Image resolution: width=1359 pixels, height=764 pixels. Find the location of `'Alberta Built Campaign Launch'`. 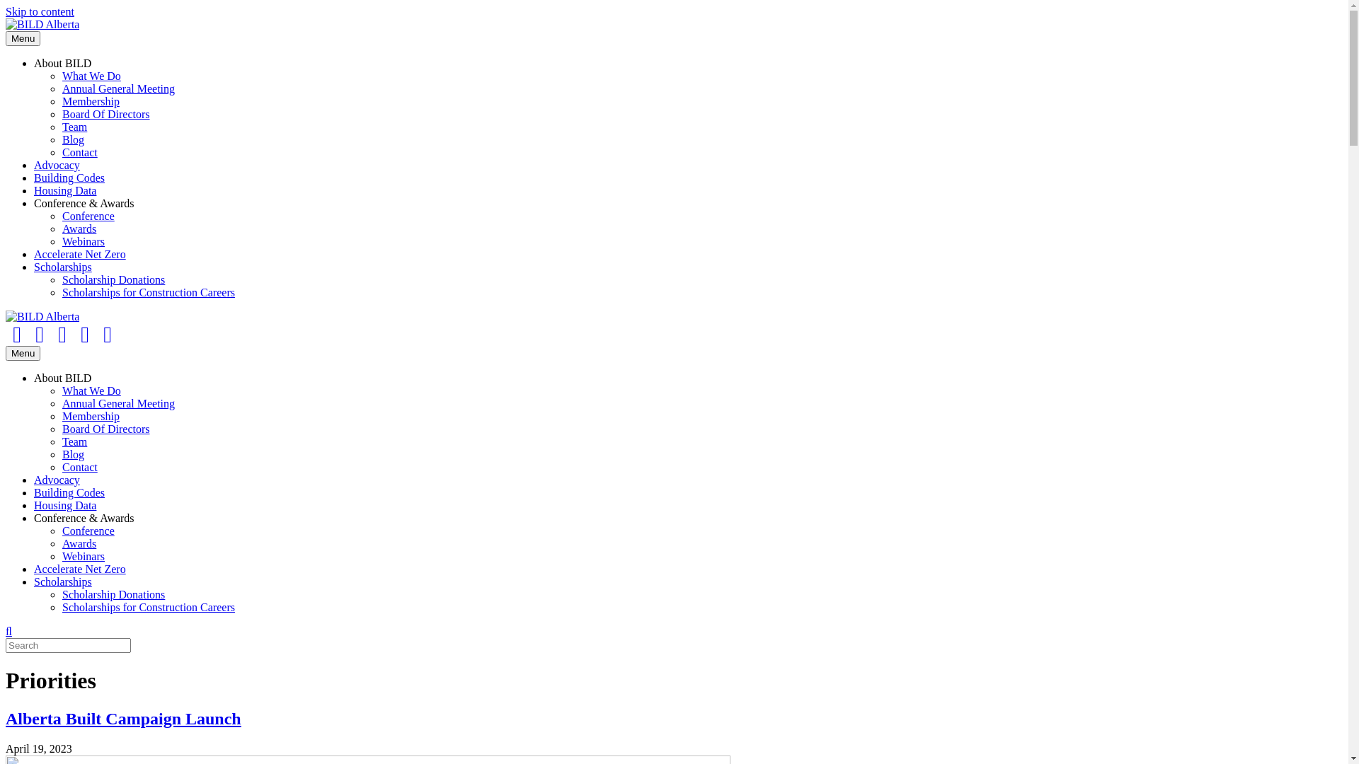

'Alberta Built Campaign Launch' is located at coordinates (6, 718).